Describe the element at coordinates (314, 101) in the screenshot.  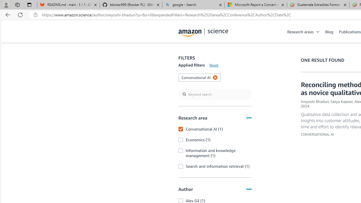
I see `'Sreyoshi Bhaduri'` at that location.